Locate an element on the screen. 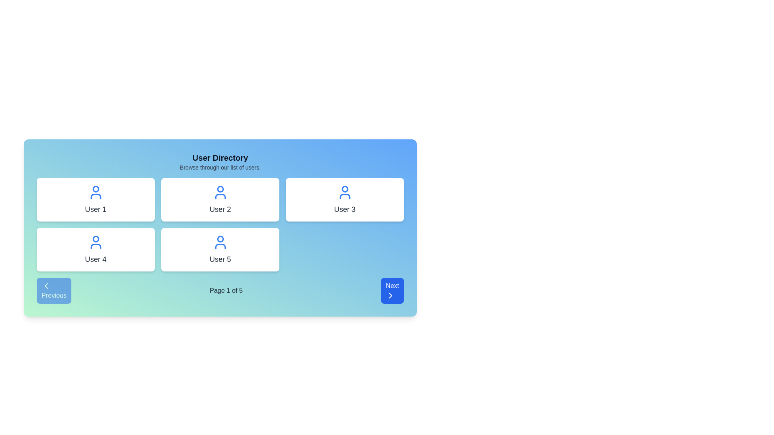 Image resolution: width=774 pixels, height=435 pixels. the text label 'User 4' which is located in the fourth card of the grid layout, positioned in the second row, first column is located at coordinates (96, 259).